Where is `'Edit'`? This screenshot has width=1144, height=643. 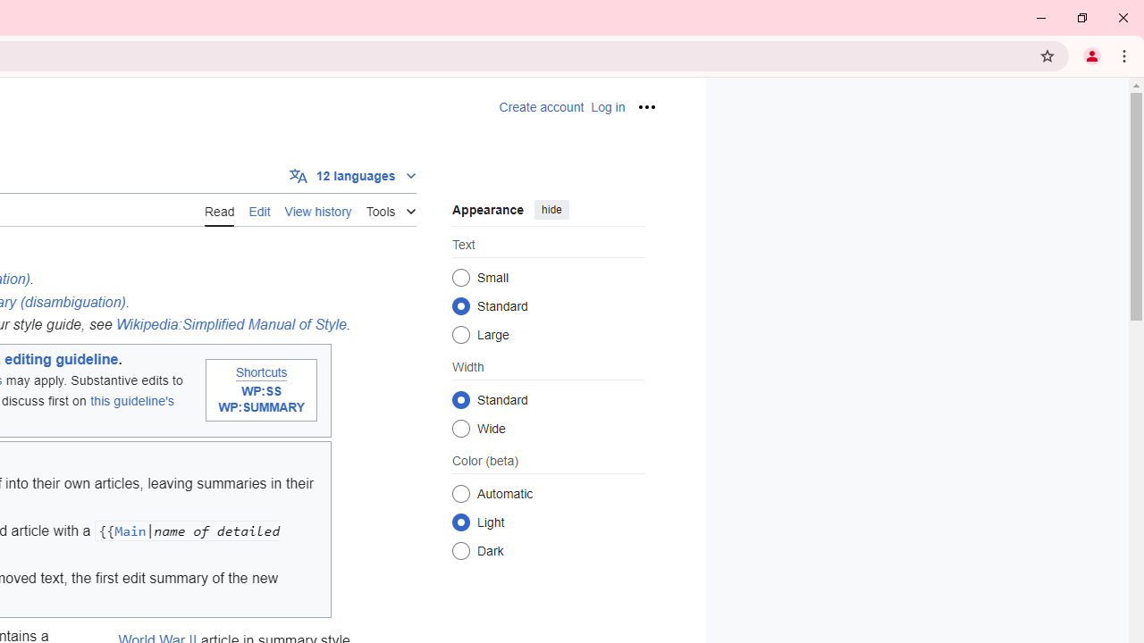
'Edit' is located at coordinates (258, 209).